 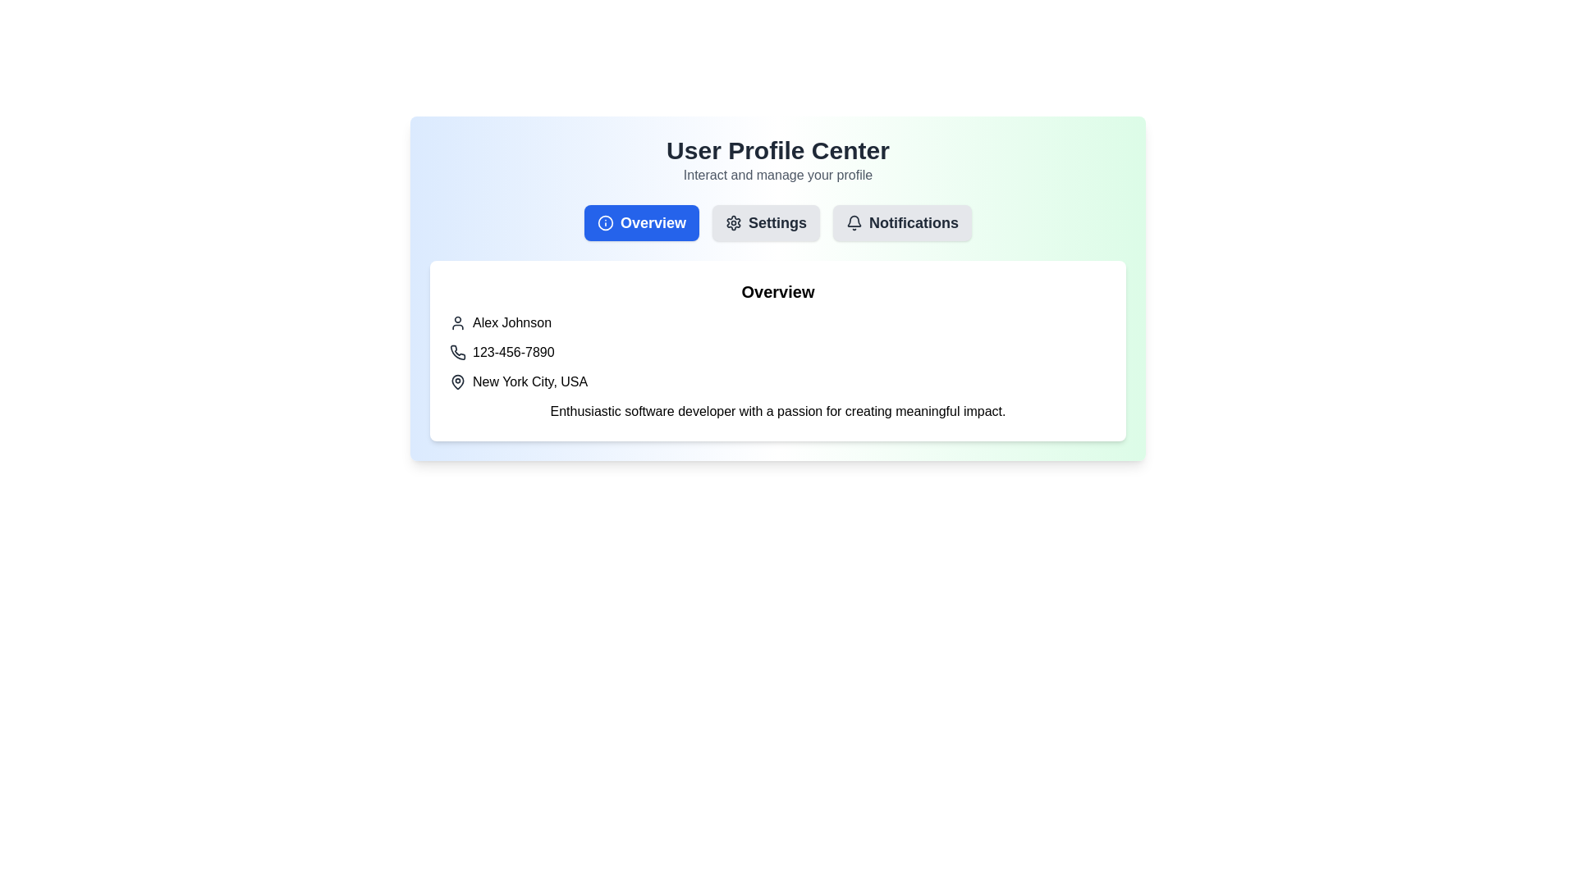 What do you see at coordinates (457, 351) in the screenshot?
I see `the phone icon represented in a minimalistic line art style, which is located beside the phone number '123-456-7890'` at bounding box center [457, 351].